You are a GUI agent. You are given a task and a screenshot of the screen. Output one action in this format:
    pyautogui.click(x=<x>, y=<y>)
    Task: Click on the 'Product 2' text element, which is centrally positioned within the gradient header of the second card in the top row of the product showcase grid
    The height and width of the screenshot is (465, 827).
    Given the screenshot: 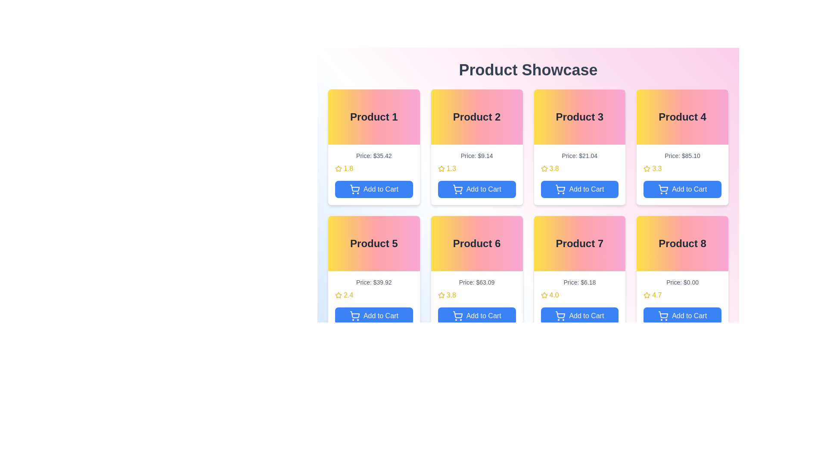 What is the action you would take?
    pyautogui.click(x=476, y=117)
    